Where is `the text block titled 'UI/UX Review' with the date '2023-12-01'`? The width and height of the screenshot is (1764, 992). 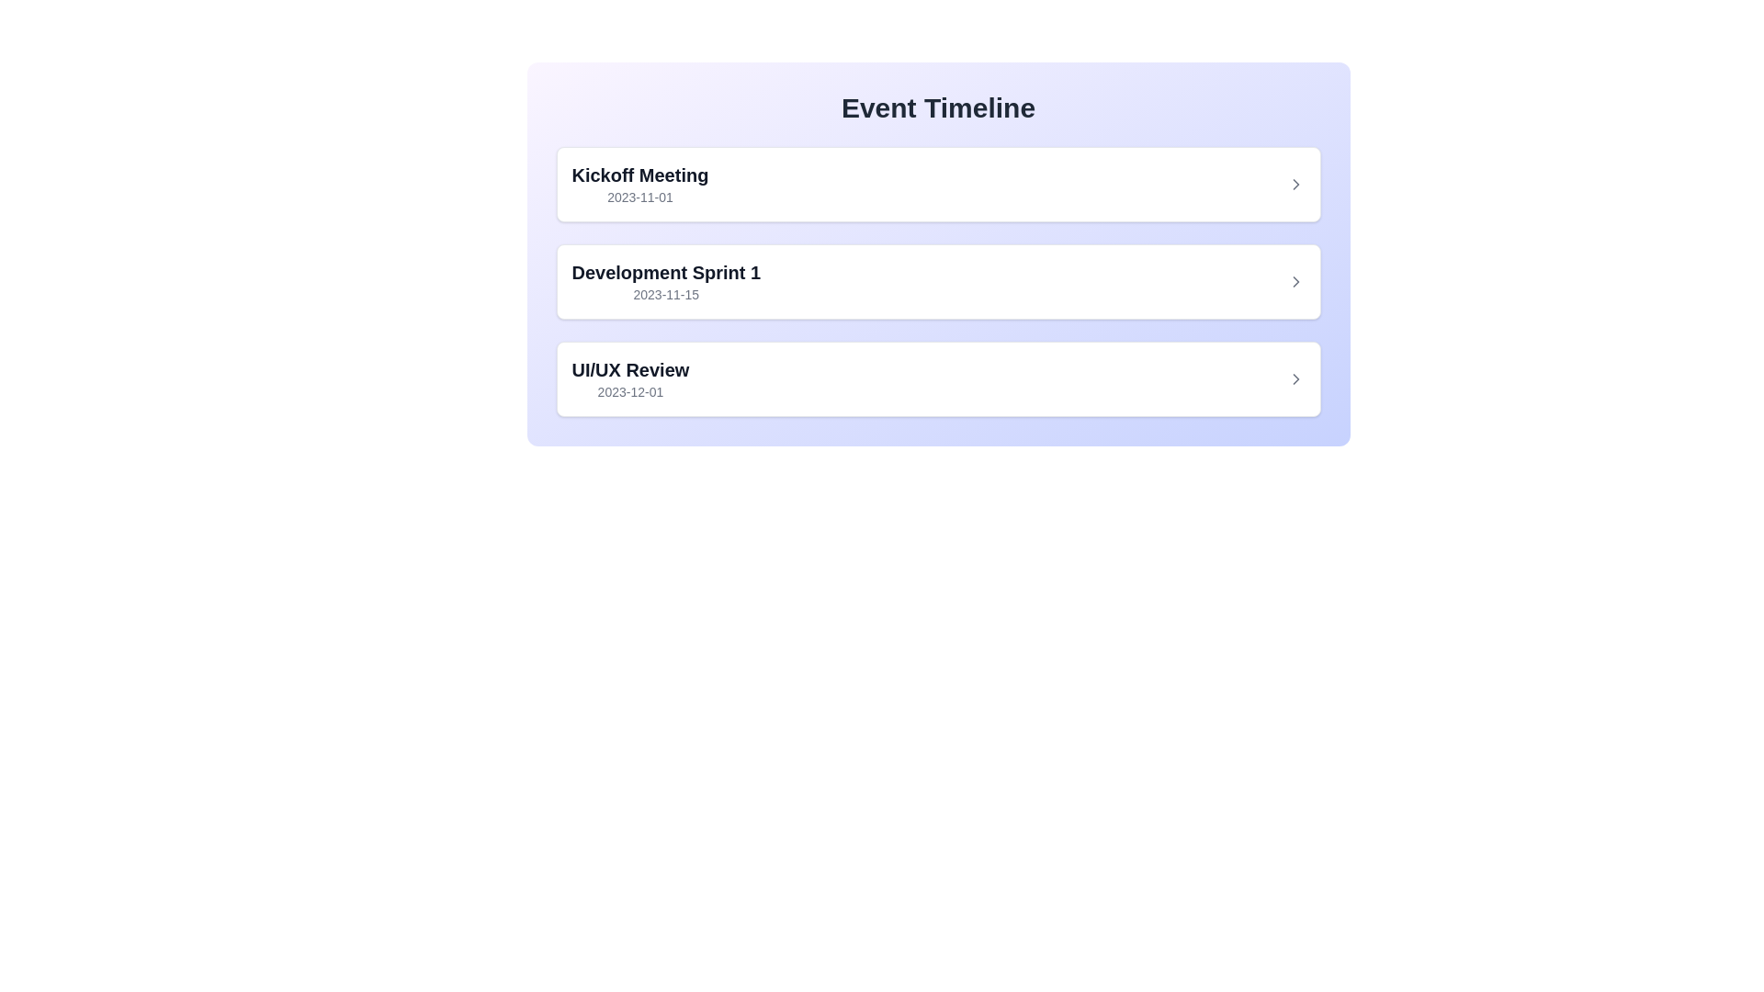
the text block titled 'UI/UX Review' with the date '2023-12-01' is located at coordinates (630, 378).